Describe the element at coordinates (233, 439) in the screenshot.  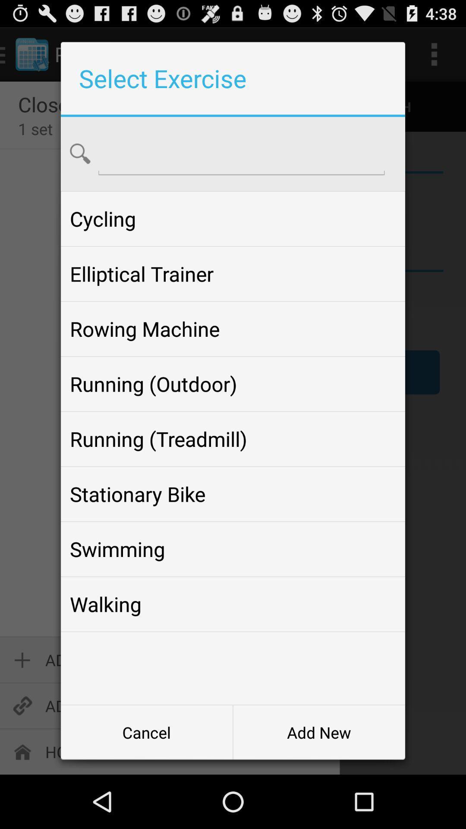
I see `icon below the running (outdoor) icon` at that location.